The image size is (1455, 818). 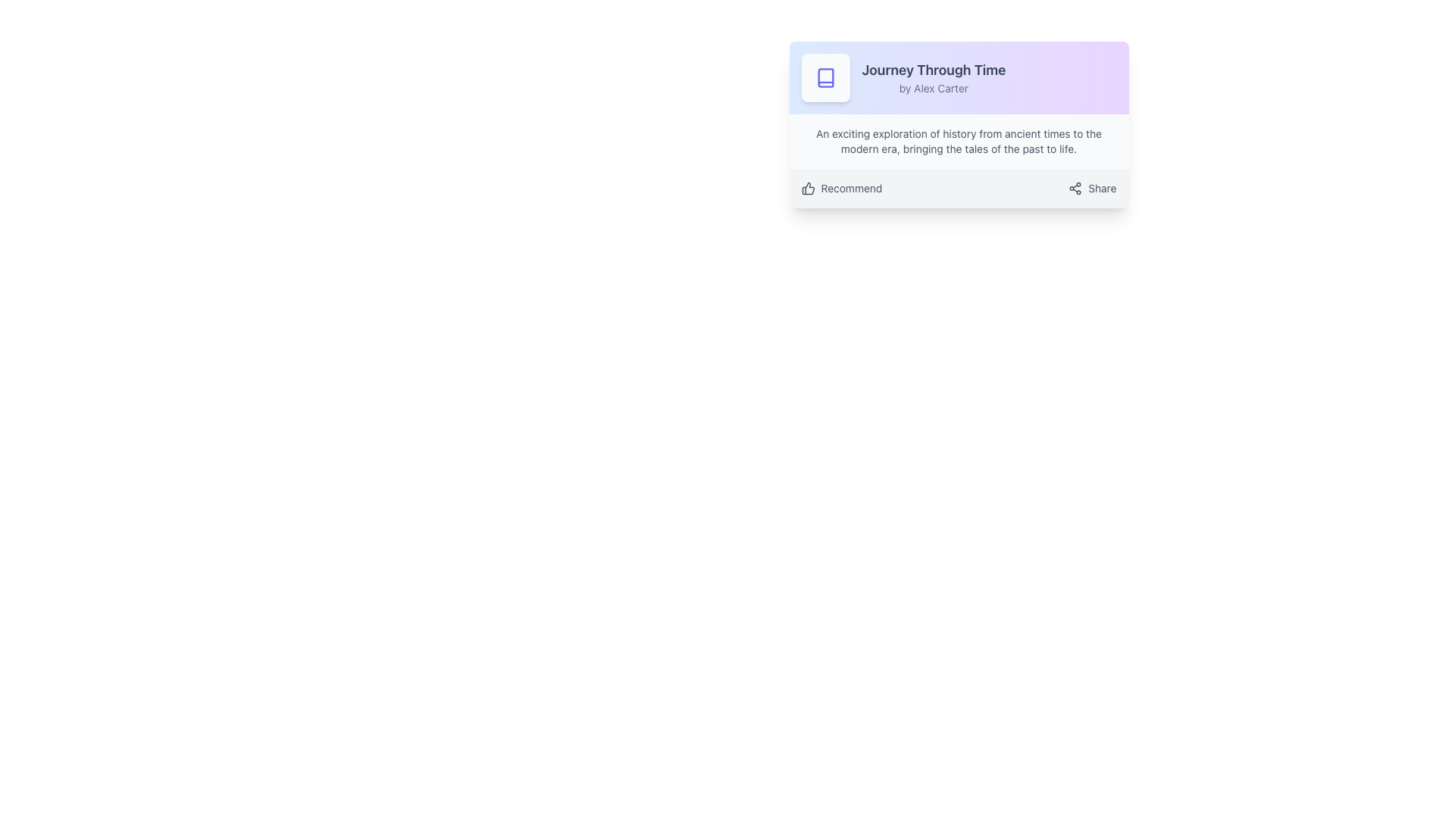 I want to click on the decorative book icon centered inside a square white background with a gray border, located at the top-left corner of the card, so click(x=824, y=78).